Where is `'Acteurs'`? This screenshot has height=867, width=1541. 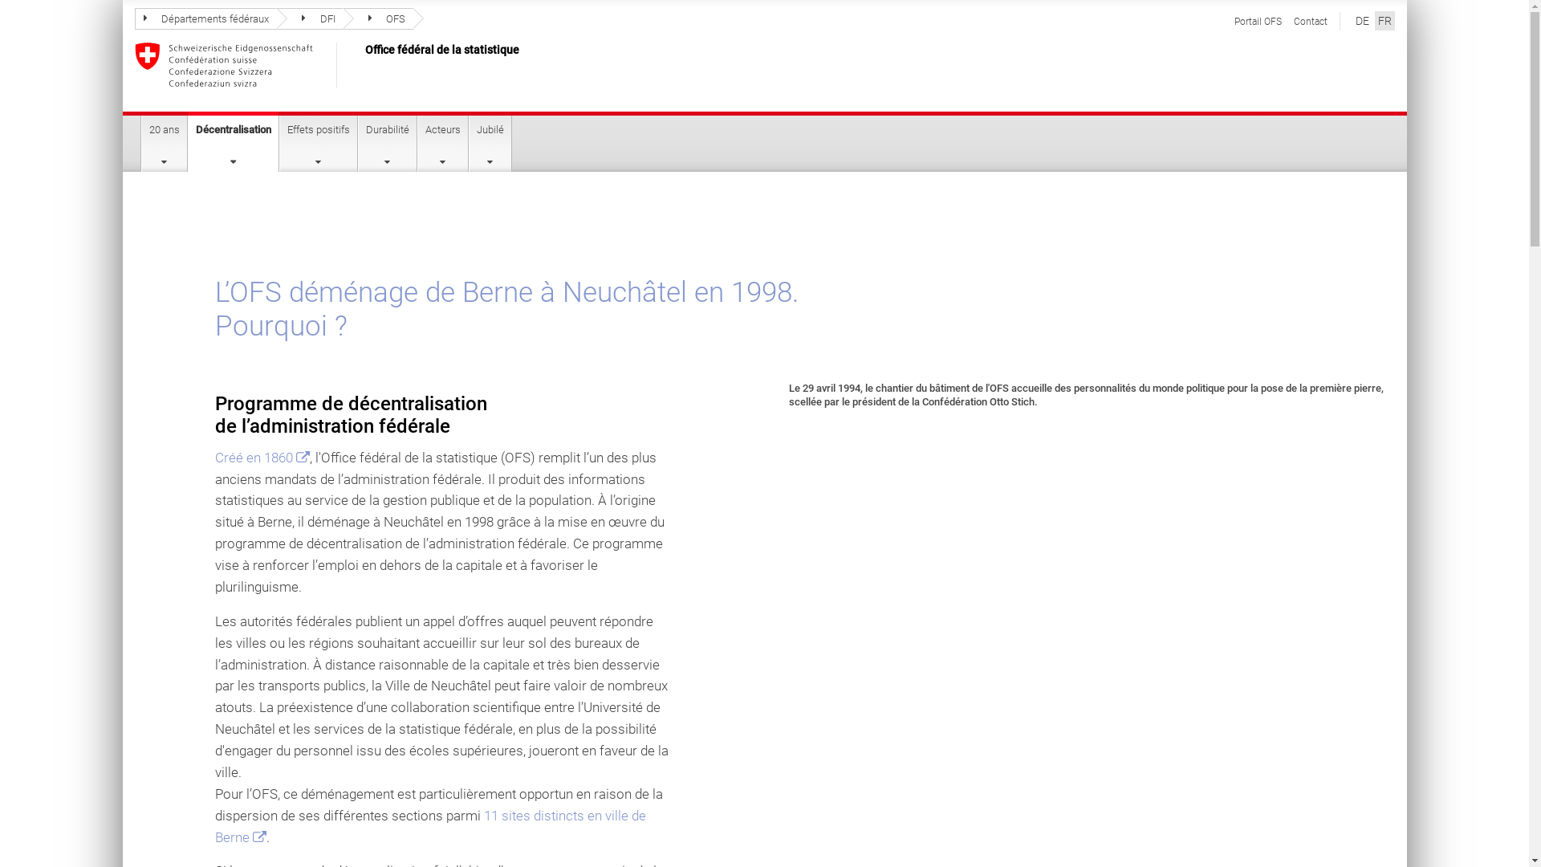 'Acteurs' is located at coordinates (443, 142).